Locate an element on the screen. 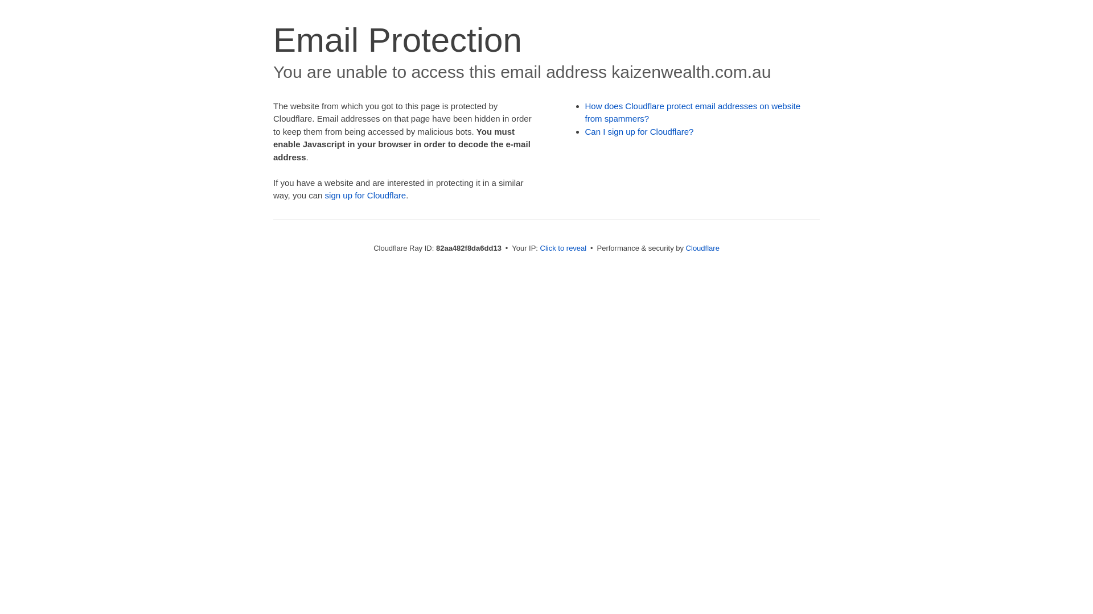  'Click to reveal' is located at coordinates (563, 247).